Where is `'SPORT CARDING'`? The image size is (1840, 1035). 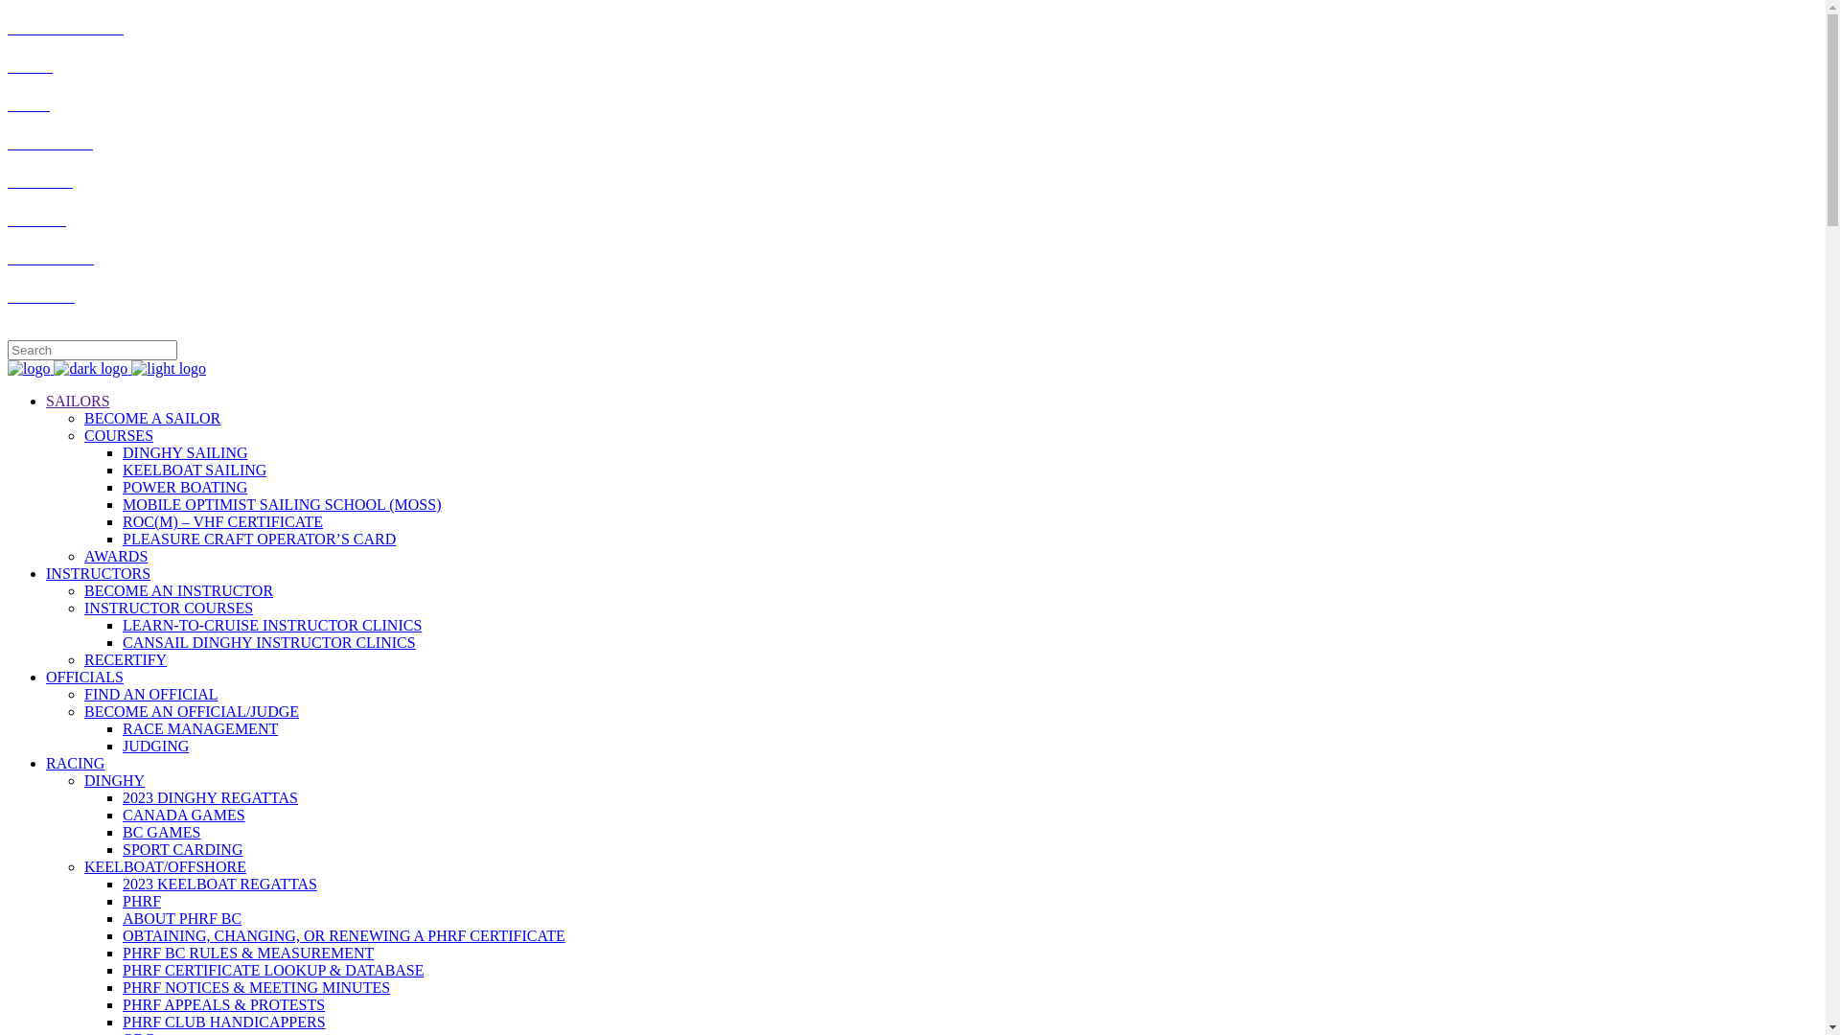 'SPORT CARDING' is located at coordinates (122, 848).